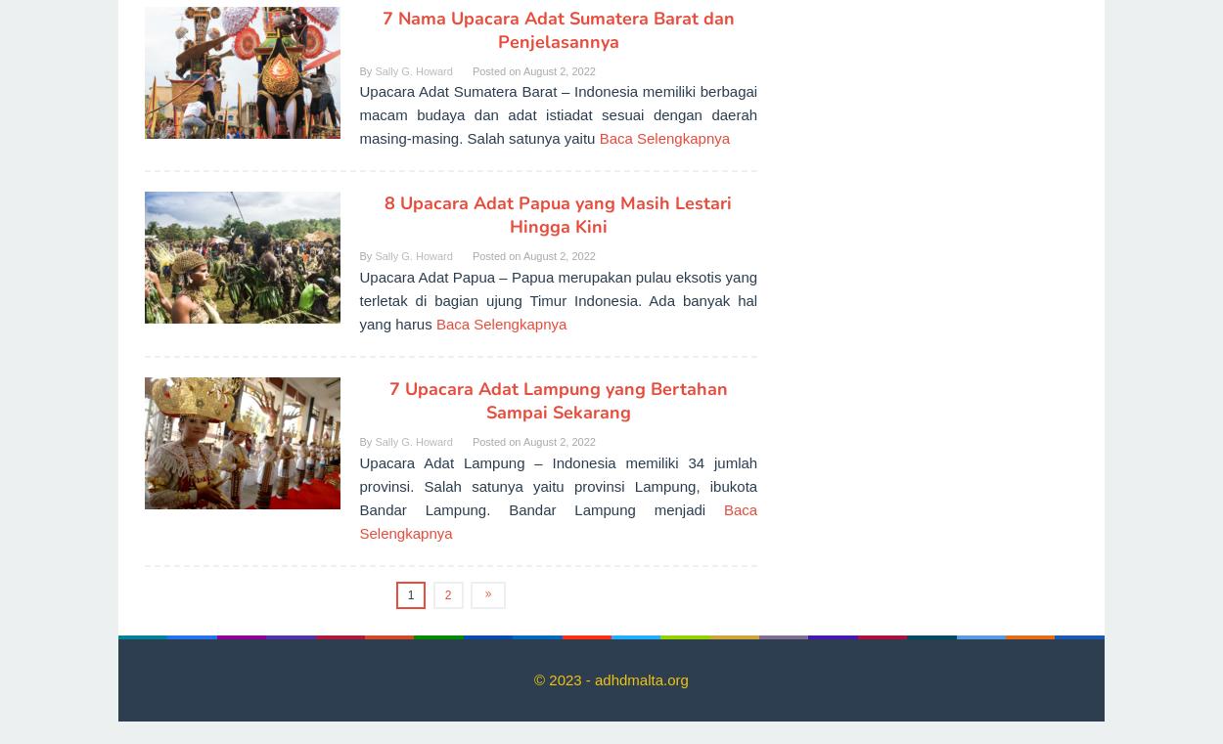  What do you see at coordinates (534, 679) in the screenshot?
I see `'© 2023 - adhdmalta.org'` at bounding box center [534, 679].